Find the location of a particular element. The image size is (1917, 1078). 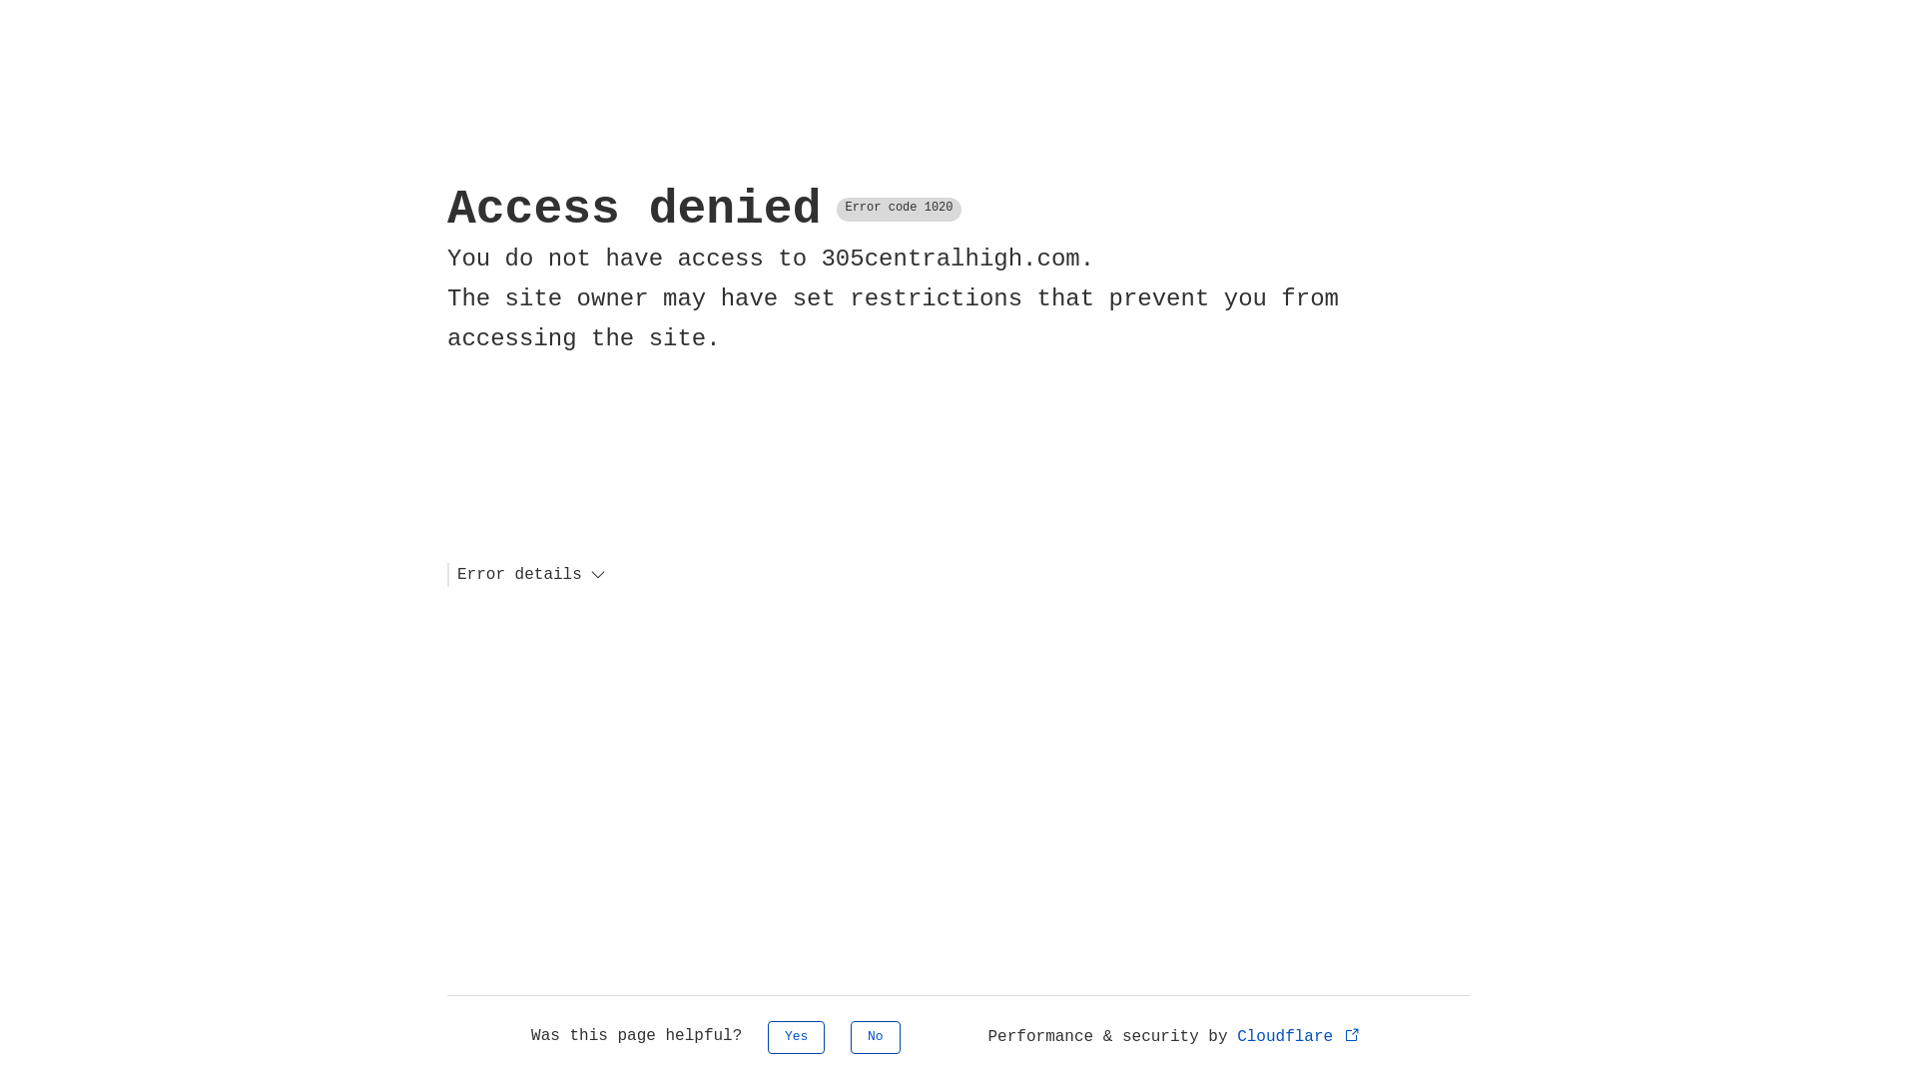

'No' is located at coordinates (876, 1036).